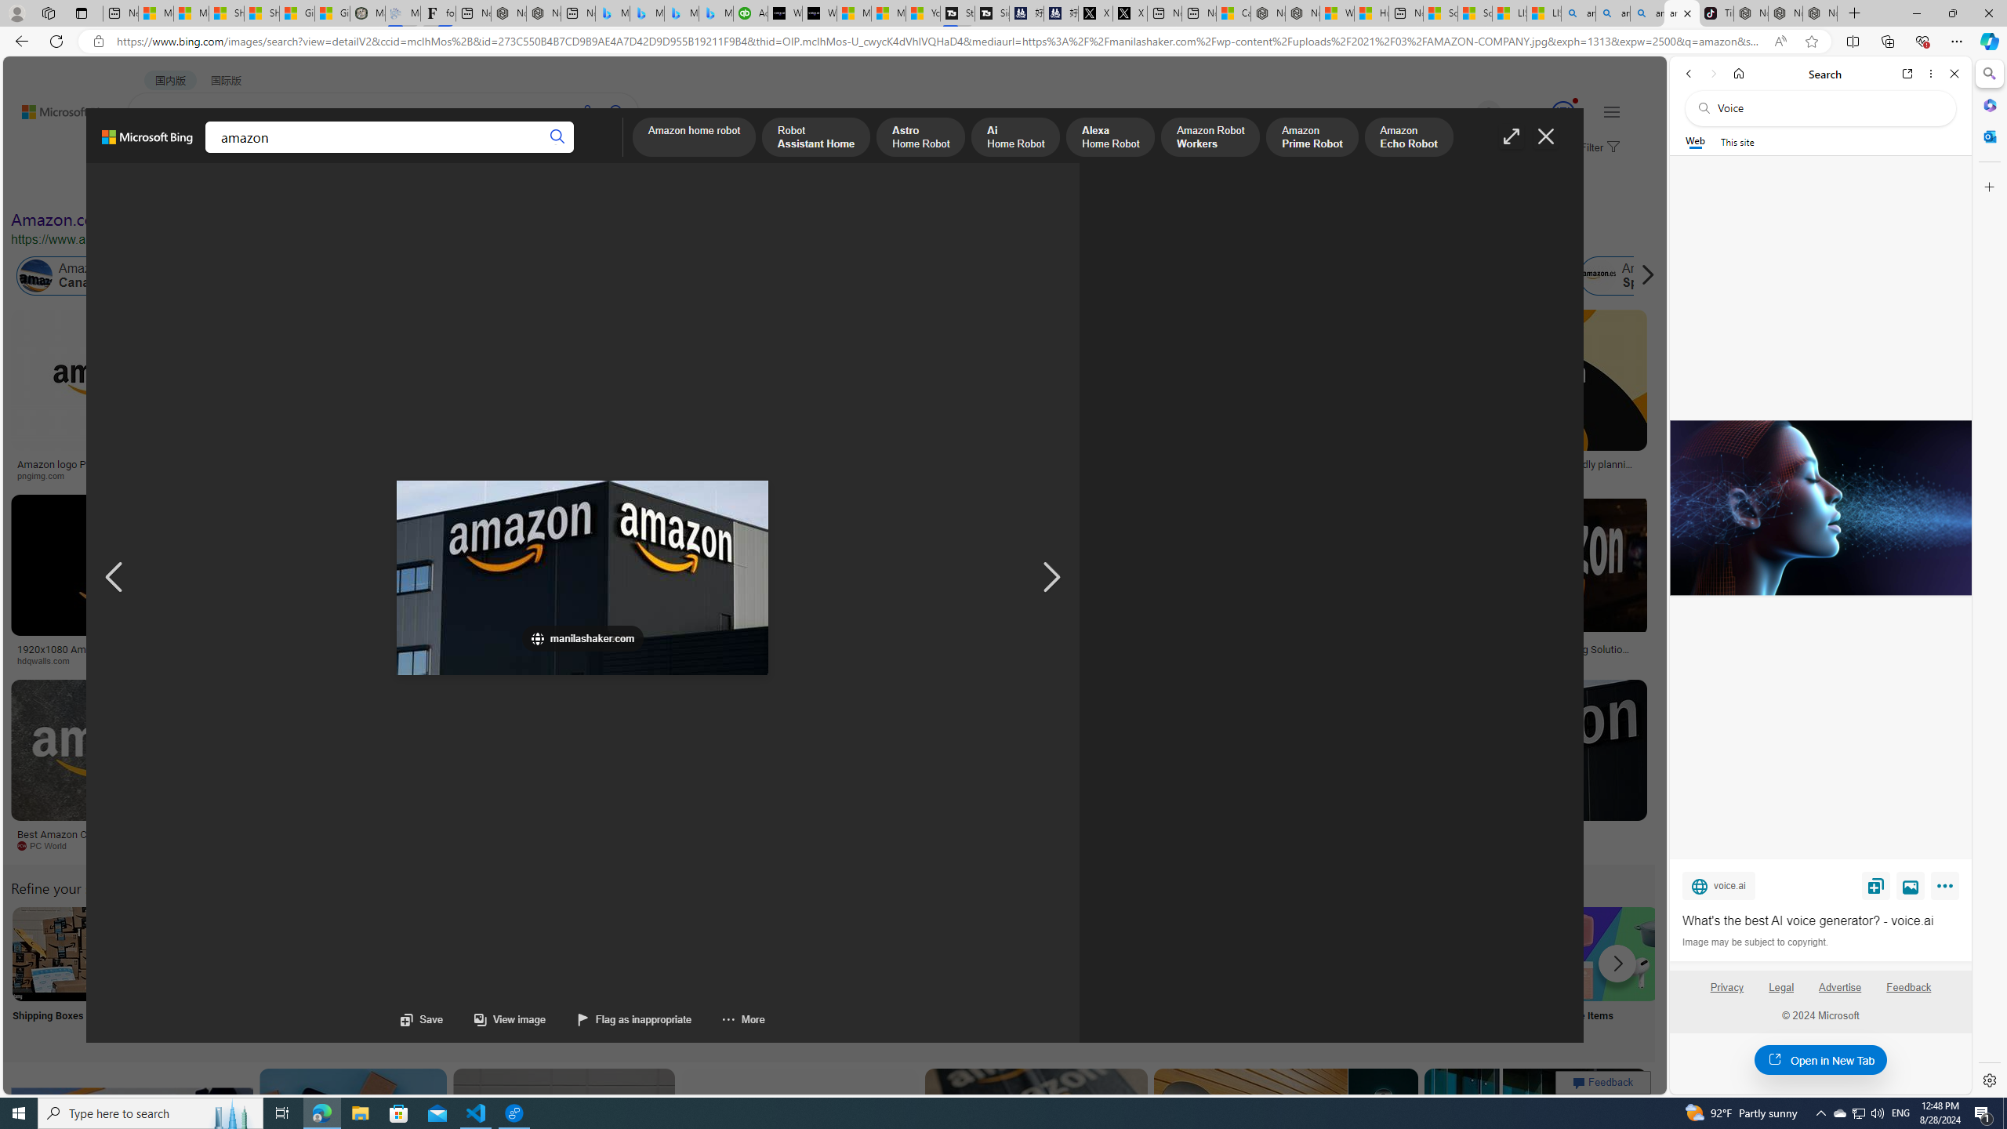 The image size is (2007, 1129). Describe the element at coordinates (422, 1018) in the screenshot. I see `'Save'` at that location.